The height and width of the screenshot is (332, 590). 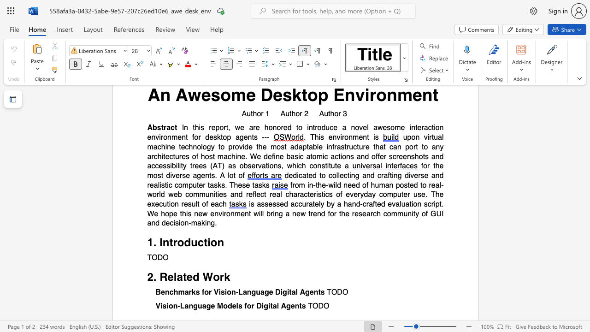 What do you see at coordinates (169, 242) in the screenshot?
I see `the subset text "troduct" within the text "1. Introduction"` at bounding box center [169, 242].